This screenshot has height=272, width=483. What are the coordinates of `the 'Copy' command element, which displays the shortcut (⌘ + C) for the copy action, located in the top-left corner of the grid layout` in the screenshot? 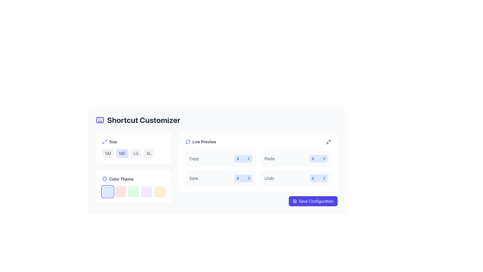 It's located at (221, 158).